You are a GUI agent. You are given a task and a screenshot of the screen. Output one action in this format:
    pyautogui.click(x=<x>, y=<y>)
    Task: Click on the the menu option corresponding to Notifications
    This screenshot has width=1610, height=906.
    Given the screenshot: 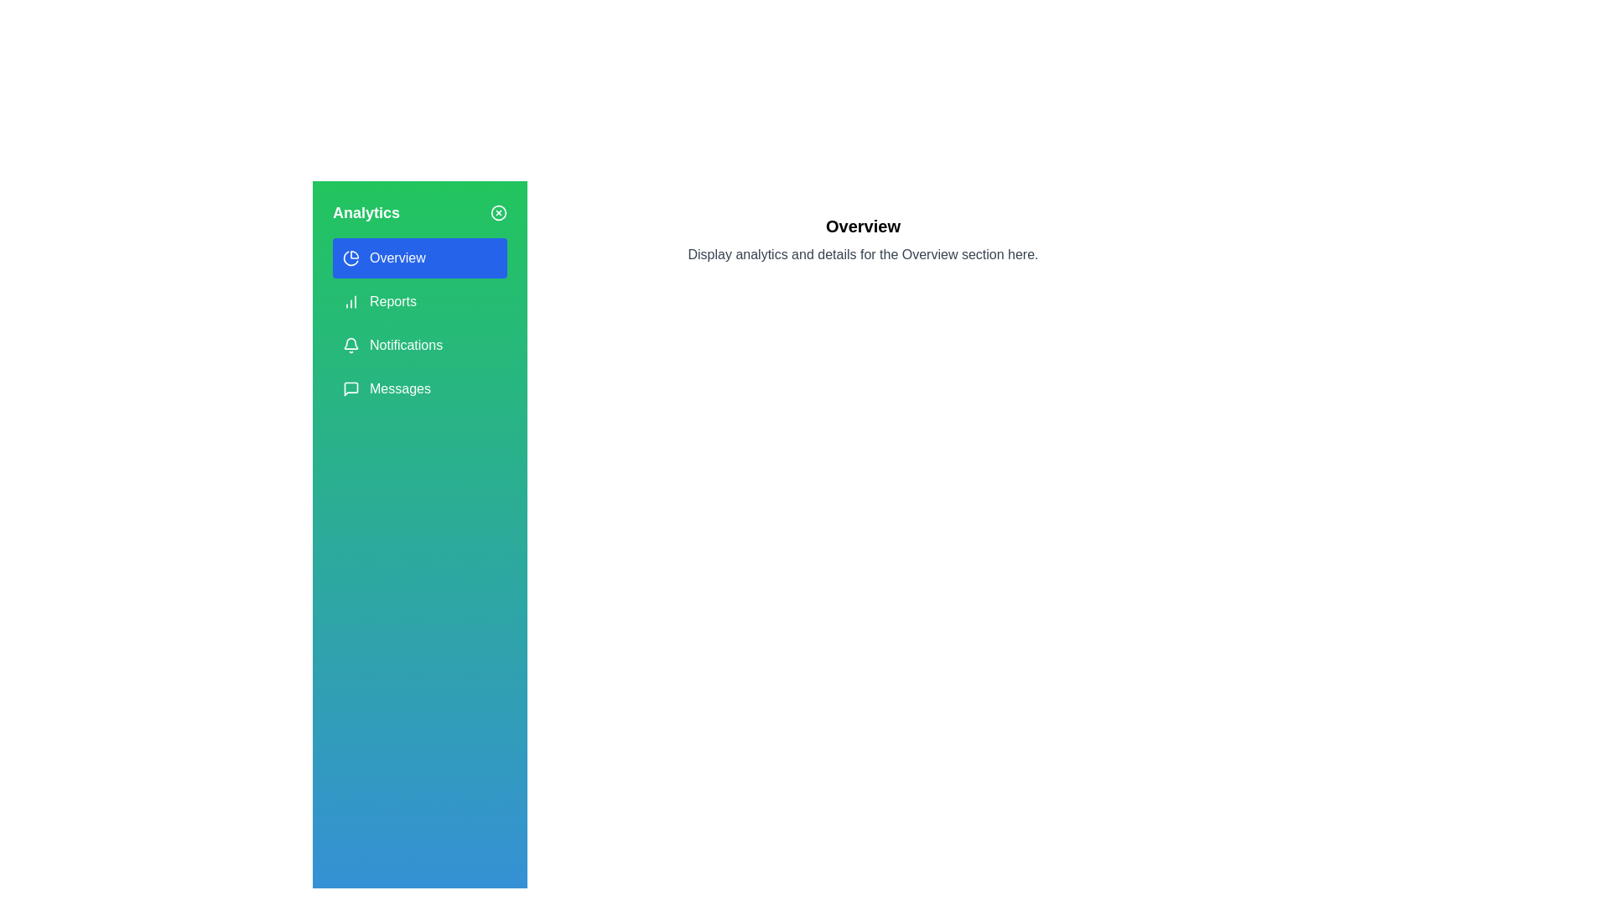 What is the action you would take?
    pyautogui.click(x=419, y=345)
    